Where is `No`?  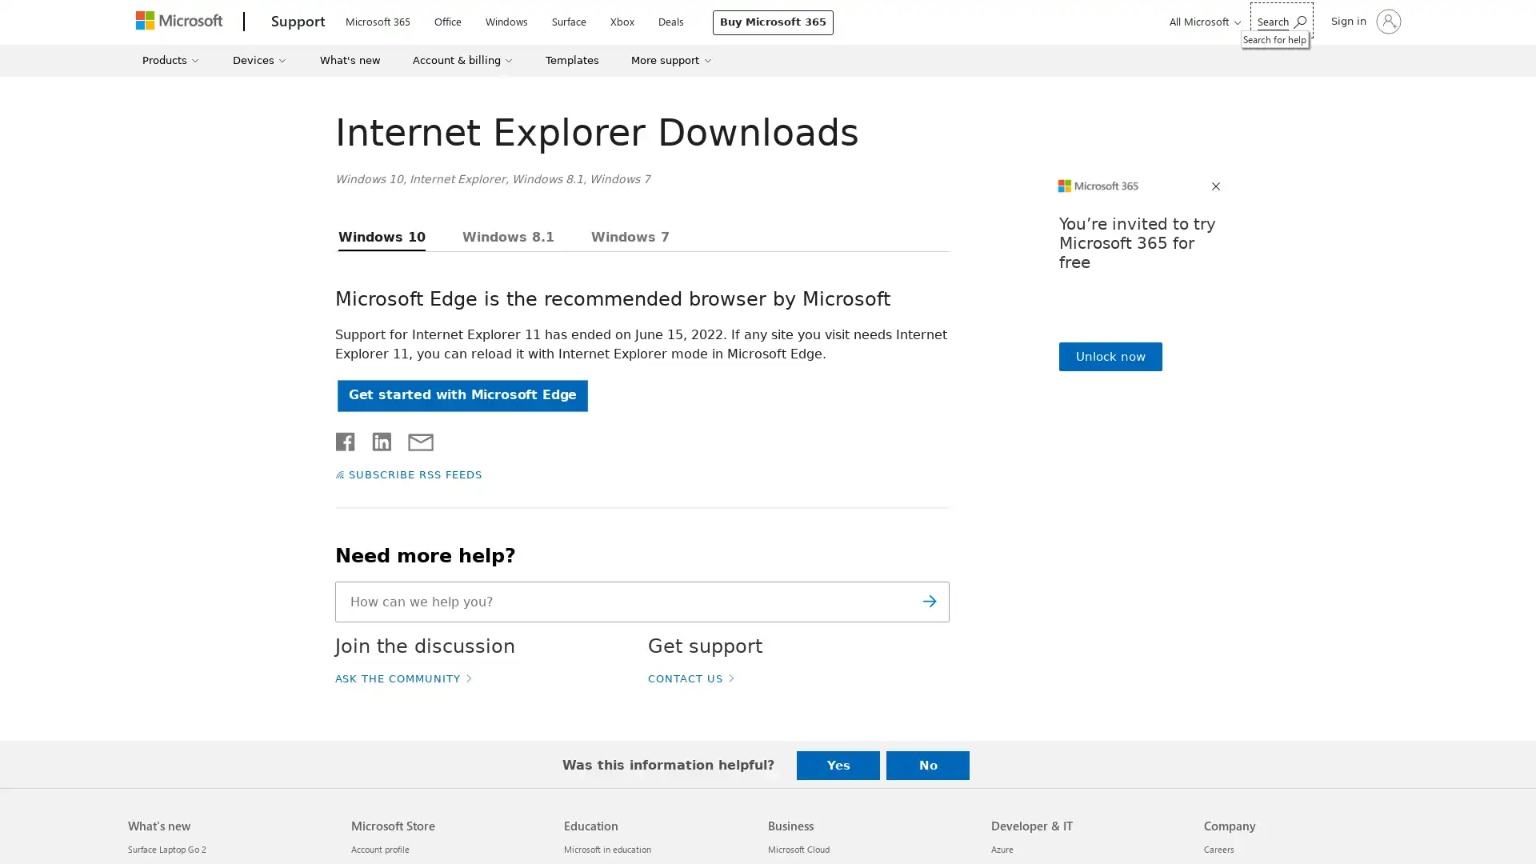
No is located at coordinates (928, 764).